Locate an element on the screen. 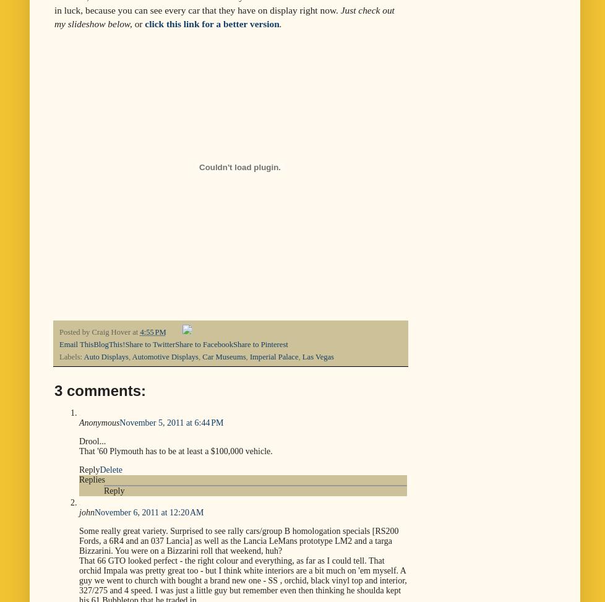  'Share to Twitter' is located at coordinates (150, 345).